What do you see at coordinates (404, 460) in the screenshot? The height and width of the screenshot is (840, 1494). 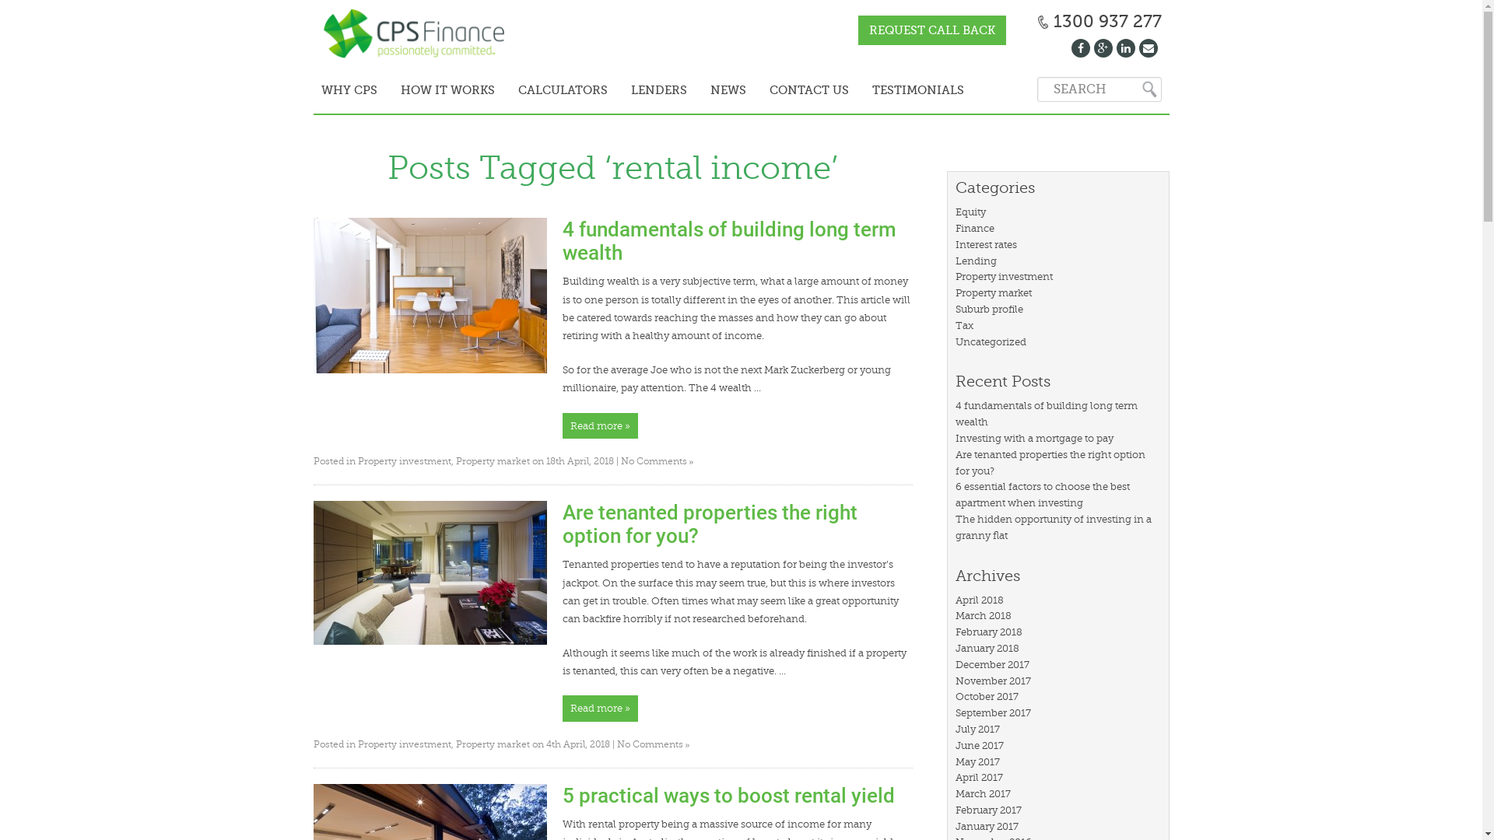 I see `'Property investment'` at bounding box center [404, 460].